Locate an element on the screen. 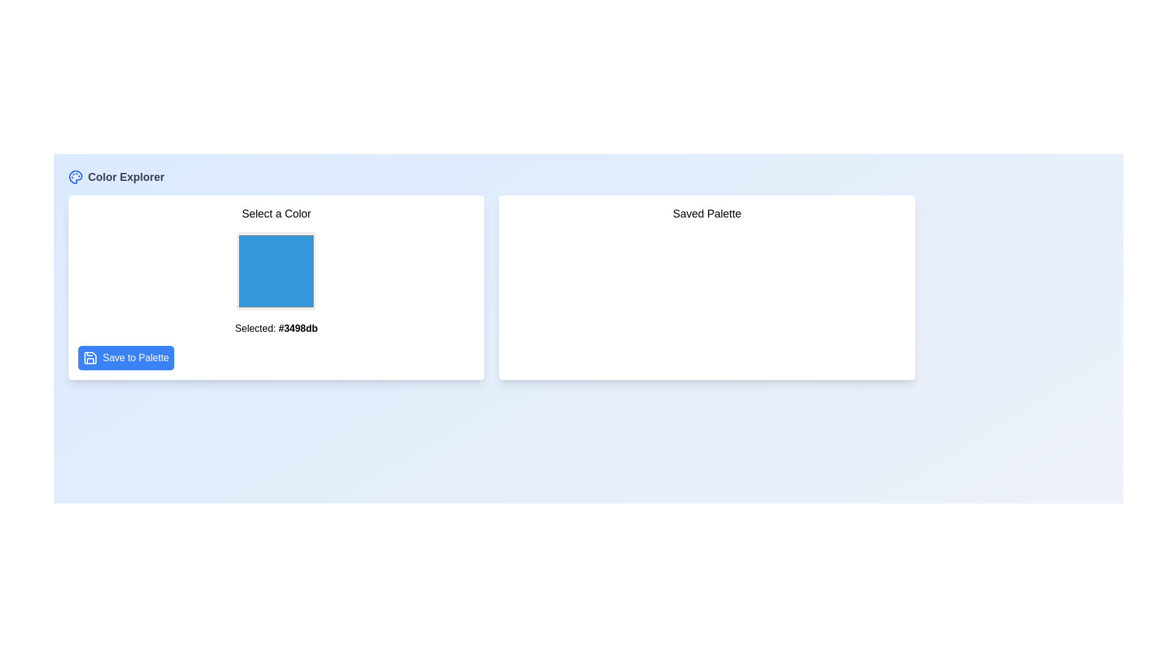 Image resolution: width=1174 pixels, height=660 pixels. the 'Save to Palette' button, which is a rectangular button with a bright blue background and white rounded edges, located at the bottom-left corner of the 'Select a Color' panel, below the text 'Selected: #3498db' is located at coordinates (126, 358).